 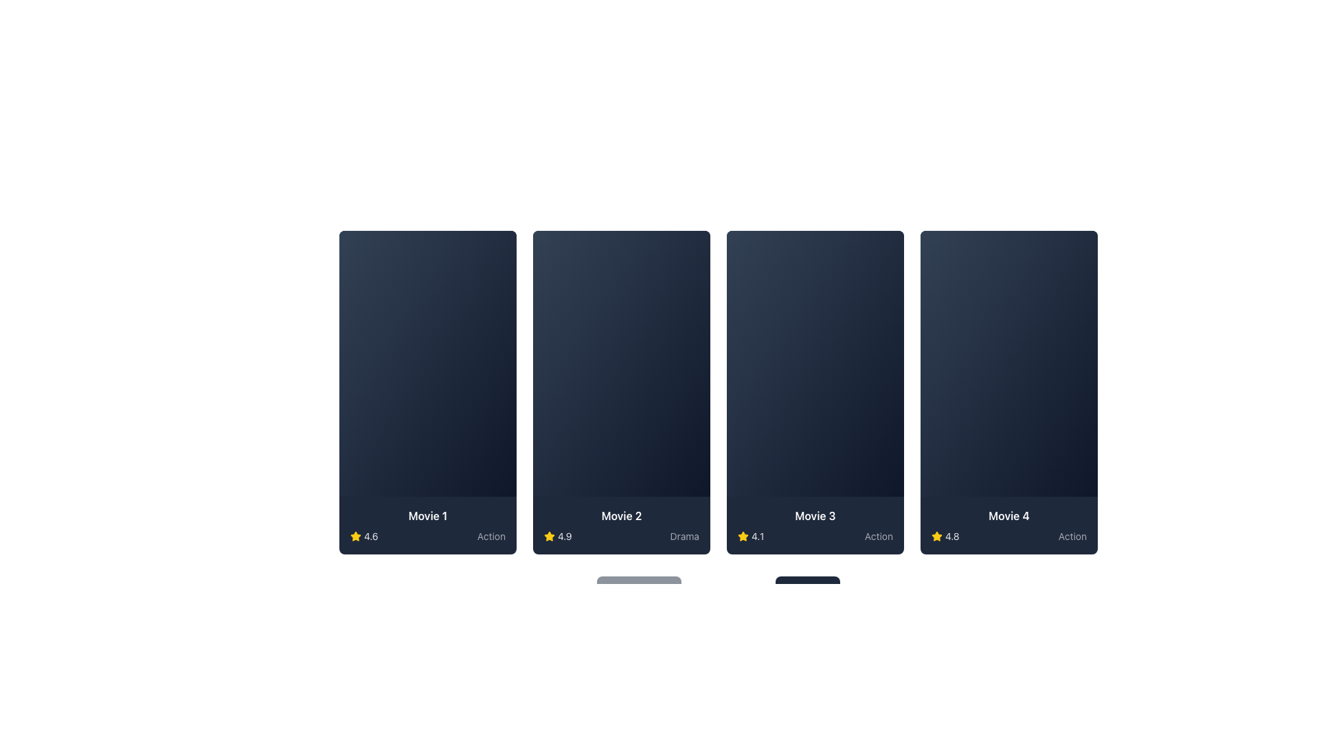 I want to click on the play icon, so click(x=427, y=363).